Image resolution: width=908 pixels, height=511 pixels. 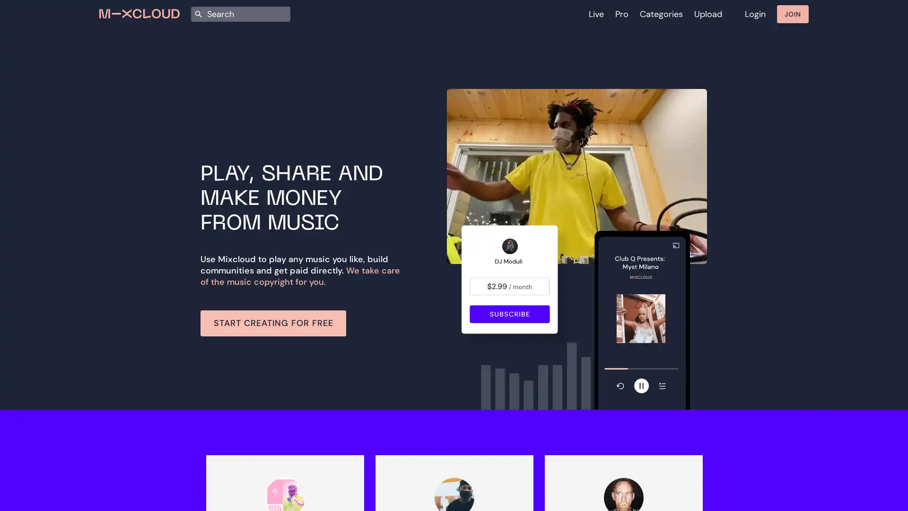 I want to click on JOIN, so click(x=793, y=14).